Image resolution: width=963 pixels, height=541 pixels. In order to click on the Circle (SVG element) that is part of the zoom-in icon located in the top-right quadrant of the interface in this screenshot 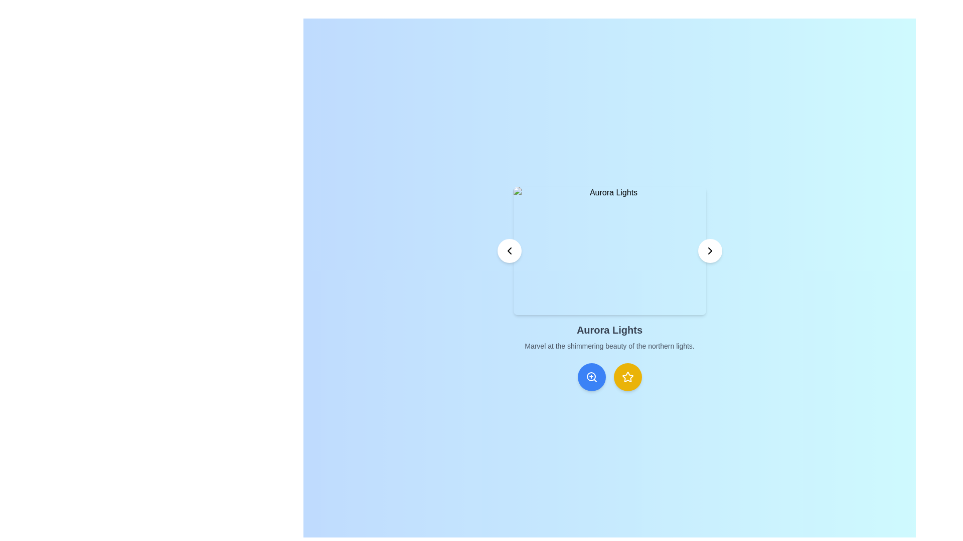, I will do `click(591, 377)`.